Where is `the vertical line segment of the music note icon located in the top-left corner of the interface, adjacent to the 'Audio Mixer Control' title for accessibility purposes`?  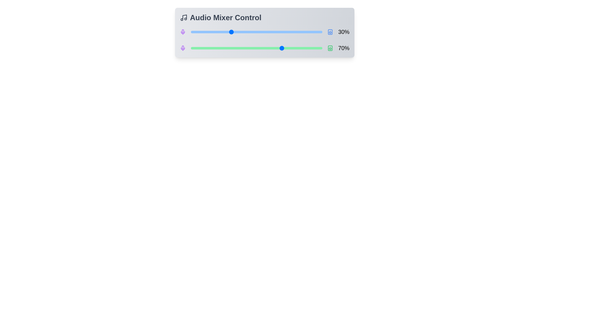
the vertical line segment of the music note icon located in the top-left corner of the interface, adjacent to the 'Audio Mixer Control' title for accessibility purposes is located at coordinates (184, 17).